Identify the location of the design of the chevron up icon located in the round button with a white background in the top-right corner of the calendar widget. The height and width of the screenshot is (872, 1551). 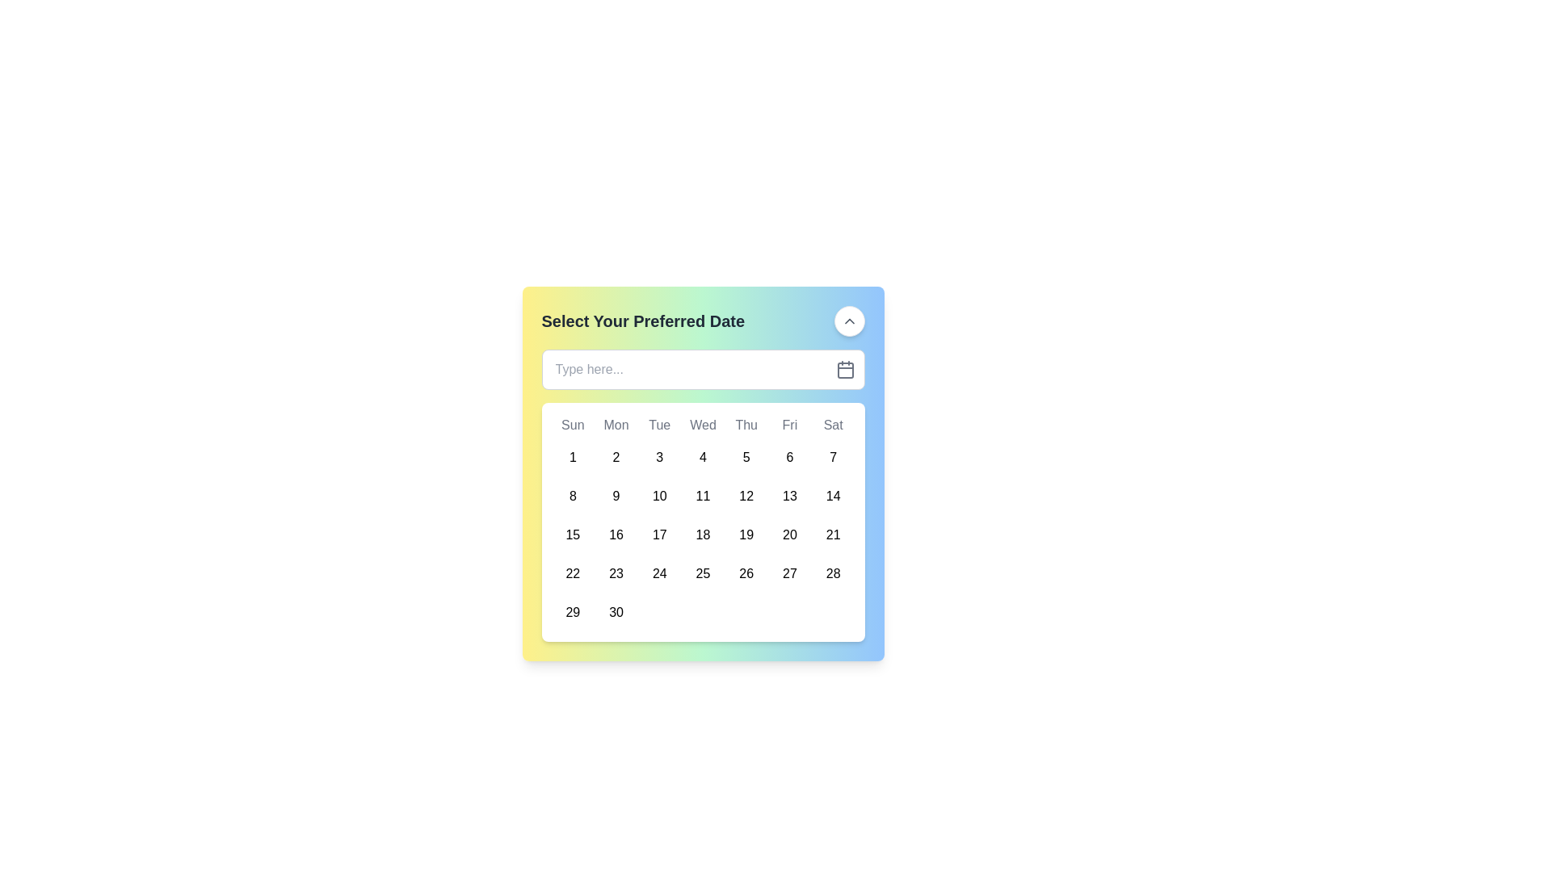
(848, 321).